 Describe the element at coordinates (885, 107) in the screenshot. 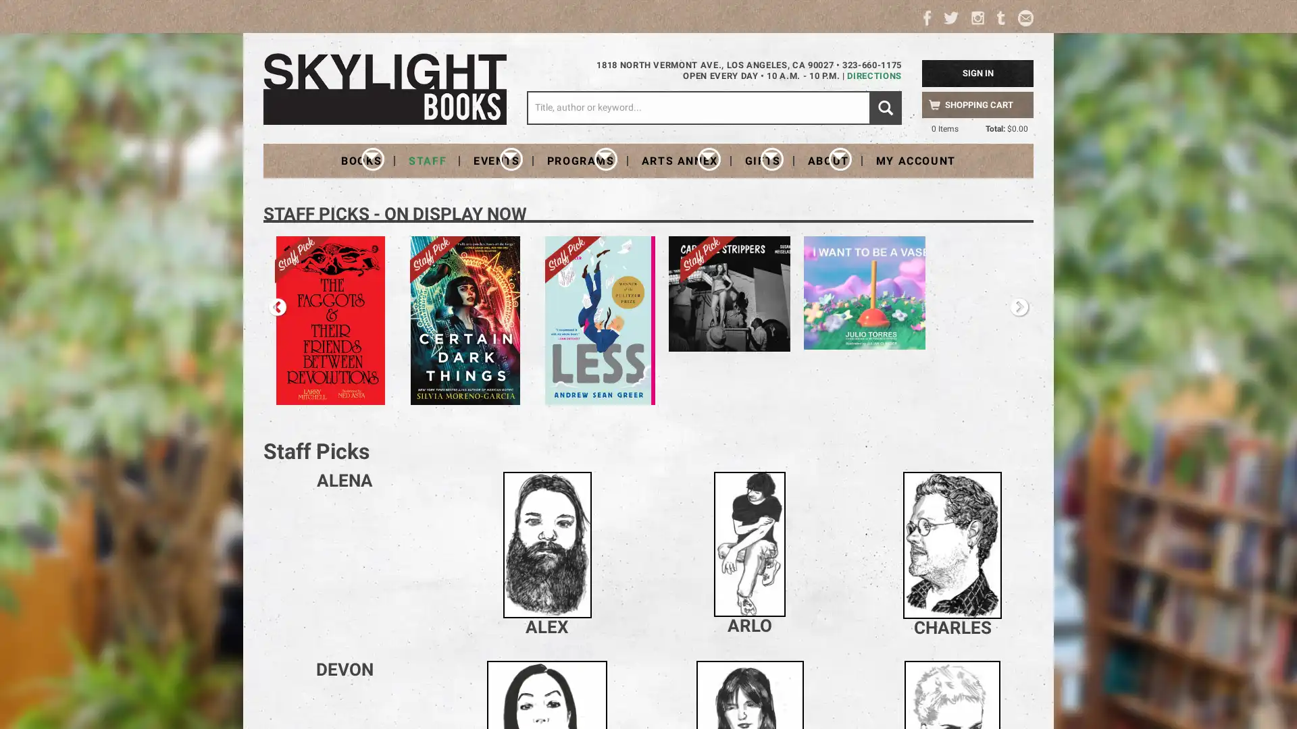

I see `search` at that location.